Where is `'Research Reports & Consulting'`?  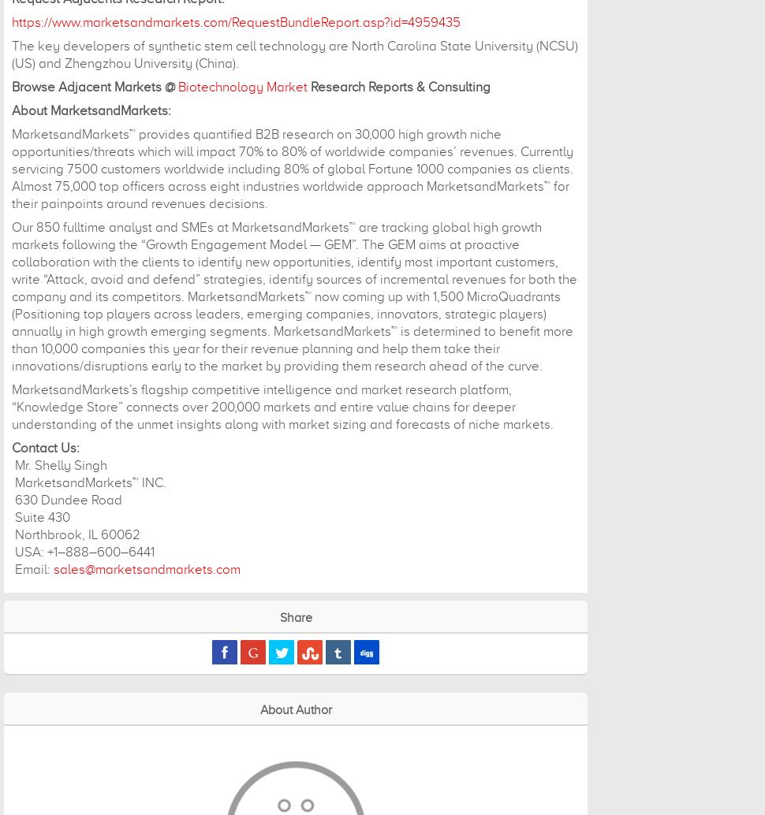 'Research Reports & Consulting' is located at coordinates (308, 87).